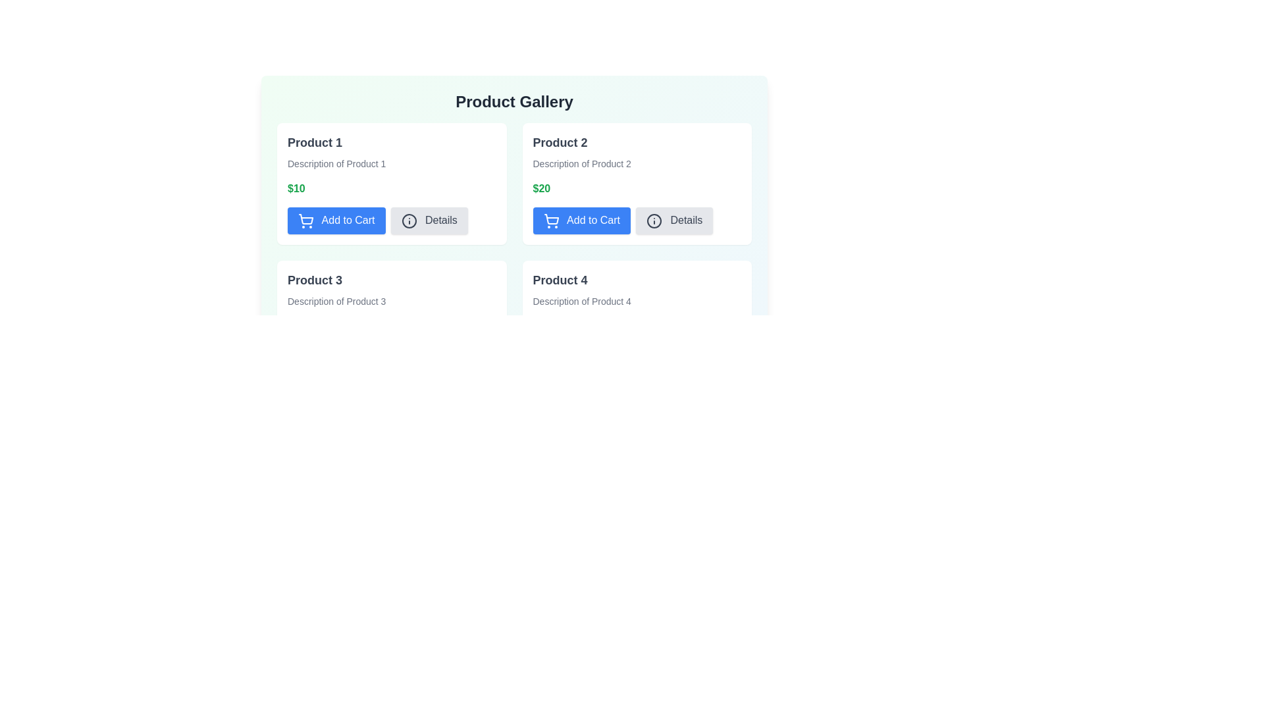 Image resolution: width=1264 pixels, height=711 pixels. I want to click on the product title text label, which is positioned at the top of the card above the product description and price, so click(314, 142).